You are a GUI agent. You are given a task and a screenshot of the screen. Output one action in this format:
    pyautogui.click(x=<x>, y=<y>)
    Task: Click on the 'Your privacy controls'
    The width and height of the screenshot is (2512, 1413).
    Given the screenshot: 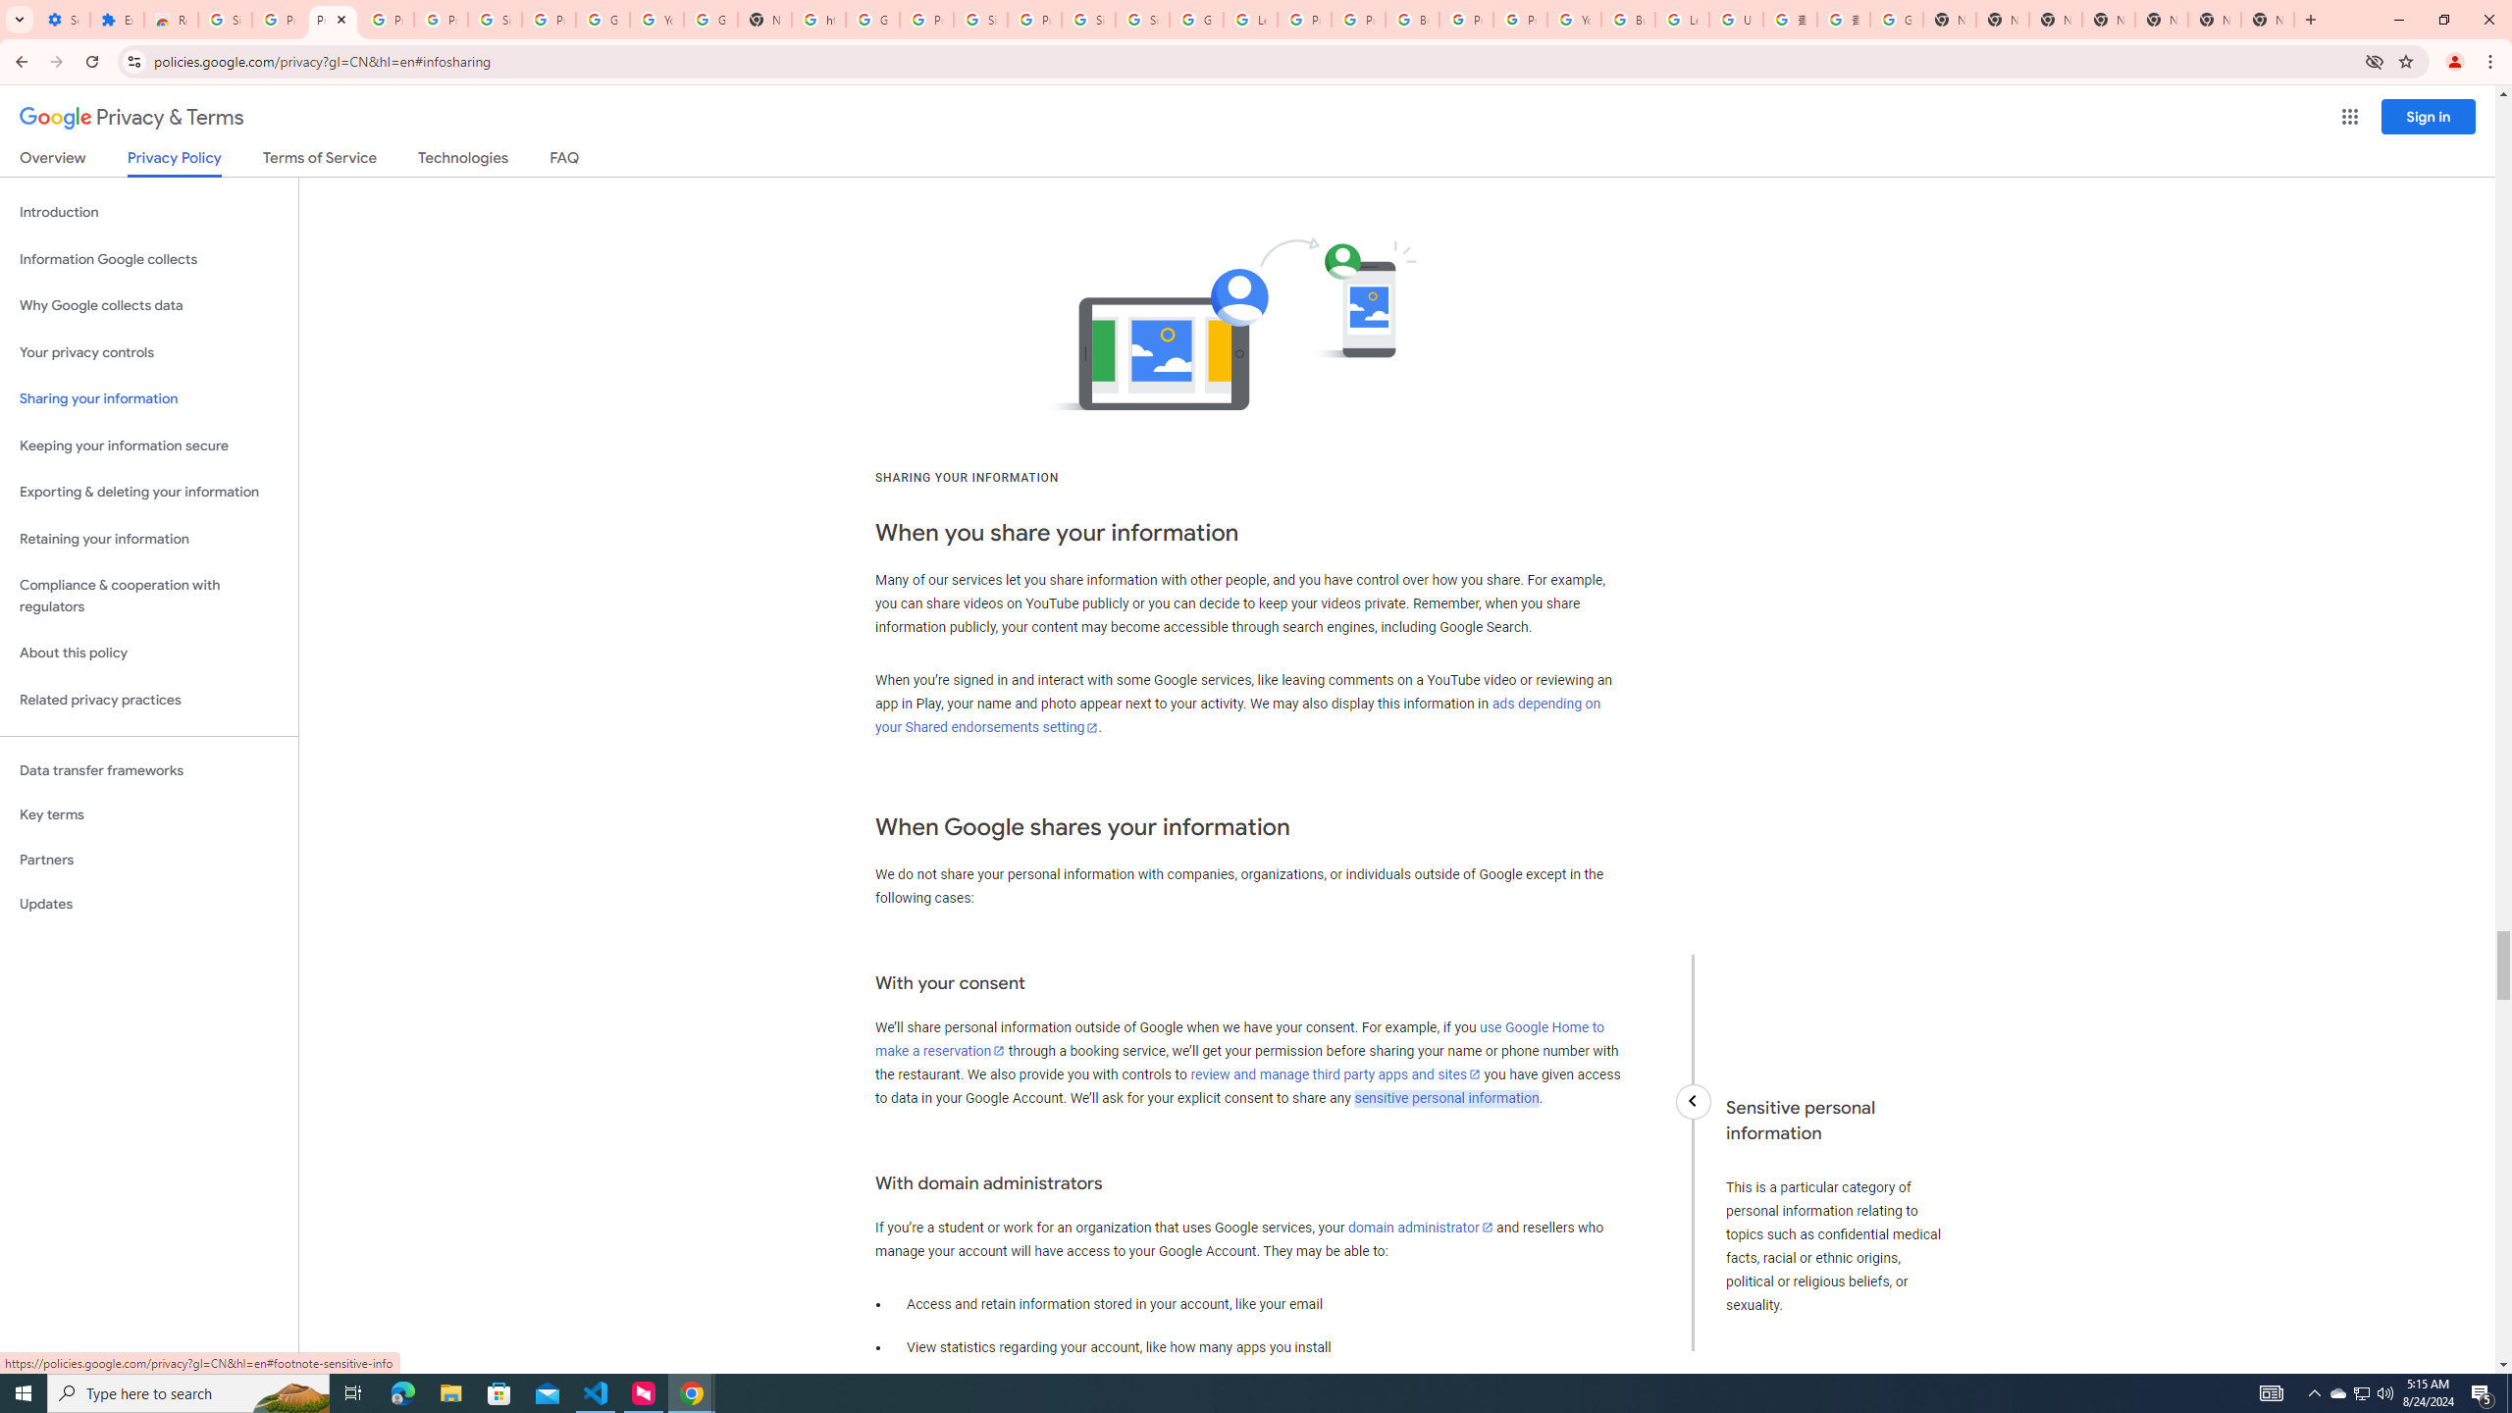 What is the action you would take?
    pyautogui.click(x=148, y=353)
    